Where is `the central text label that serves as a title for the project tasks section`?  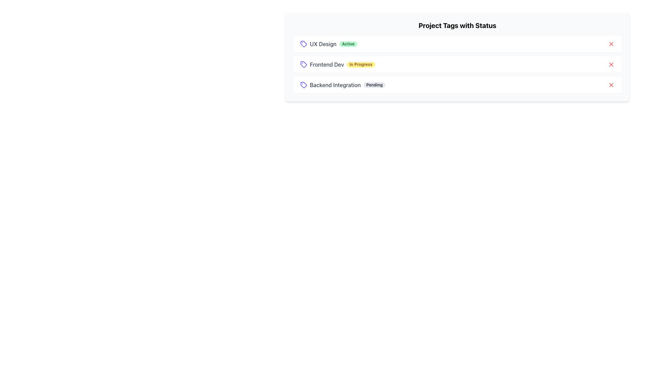
the central text label that serves as a title for the project tasks section is located at coordinates (457, 25).